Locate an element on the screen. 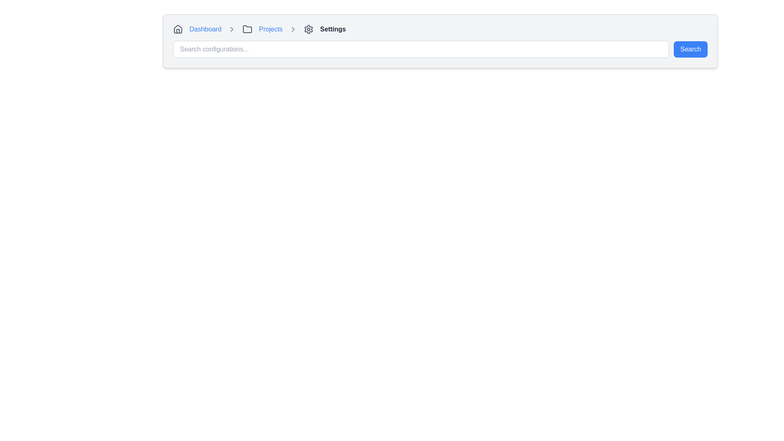 This screenshot has height=441, width=784. the navigation flow by focusing on the rightward-pointing chevron arrow icon in the breadcrumb navigation, located to the right of the 'Projects' label is located at coordinates (293, 29).